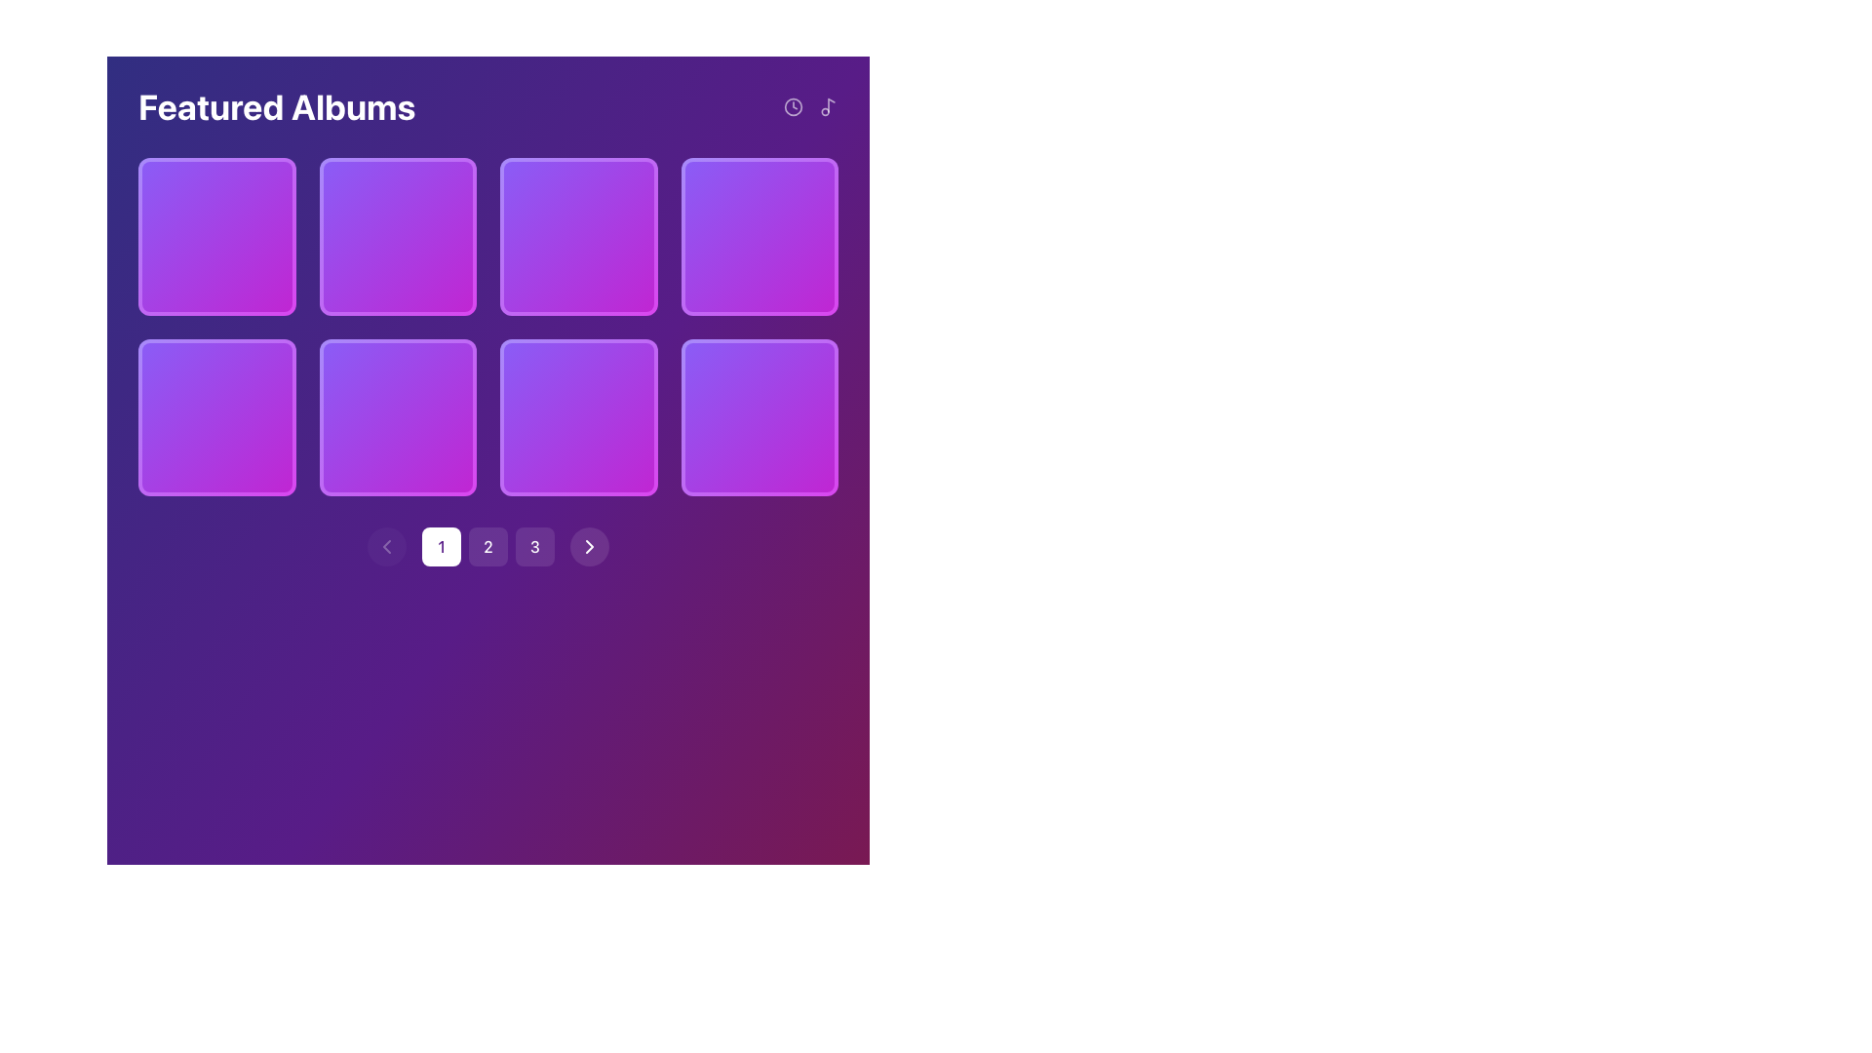  Describe the element at coordinates (399, 416) in the screenshot. I see `the play button icon located in the second row, third column of the grid` at that location.